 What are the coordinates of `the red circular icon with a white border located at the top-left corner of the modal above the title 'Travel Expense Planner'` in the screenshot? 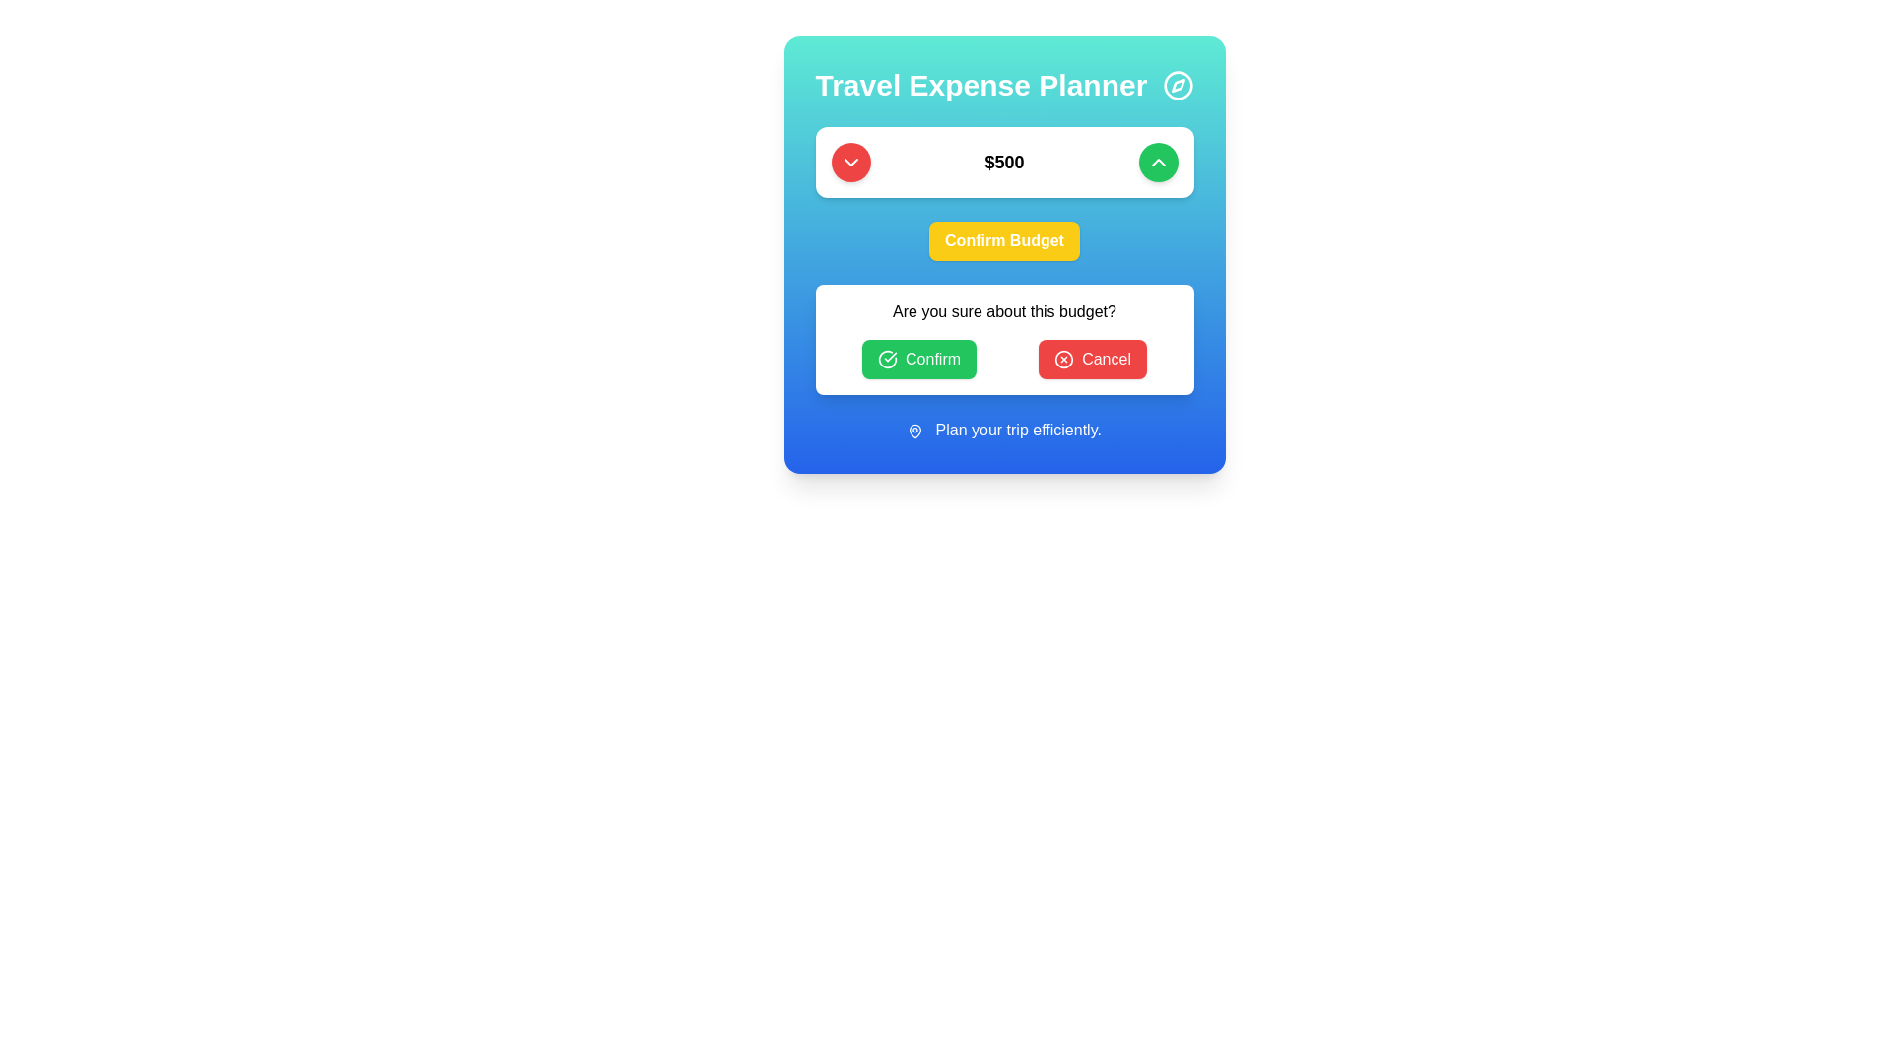 It's located at (1063, 360).